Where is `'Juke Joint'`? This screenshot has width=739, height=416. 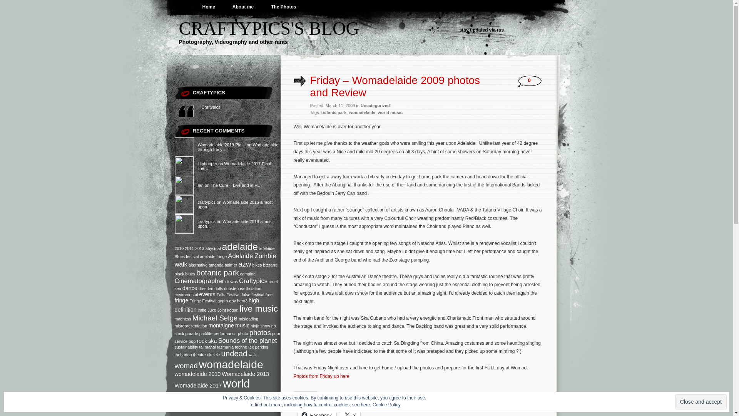
'Juke Joint' is located at coordinates (216, 310).